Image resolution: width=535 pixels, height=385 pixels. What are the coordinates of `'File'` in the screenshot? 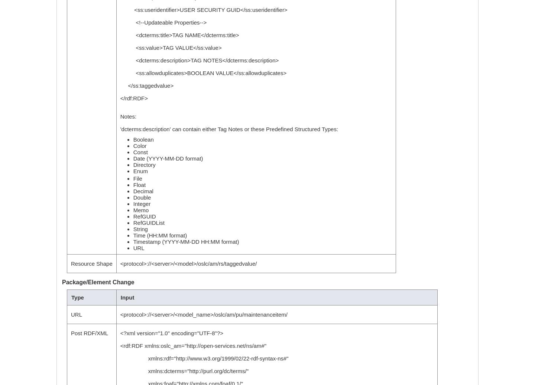 It's located at (137, 178).